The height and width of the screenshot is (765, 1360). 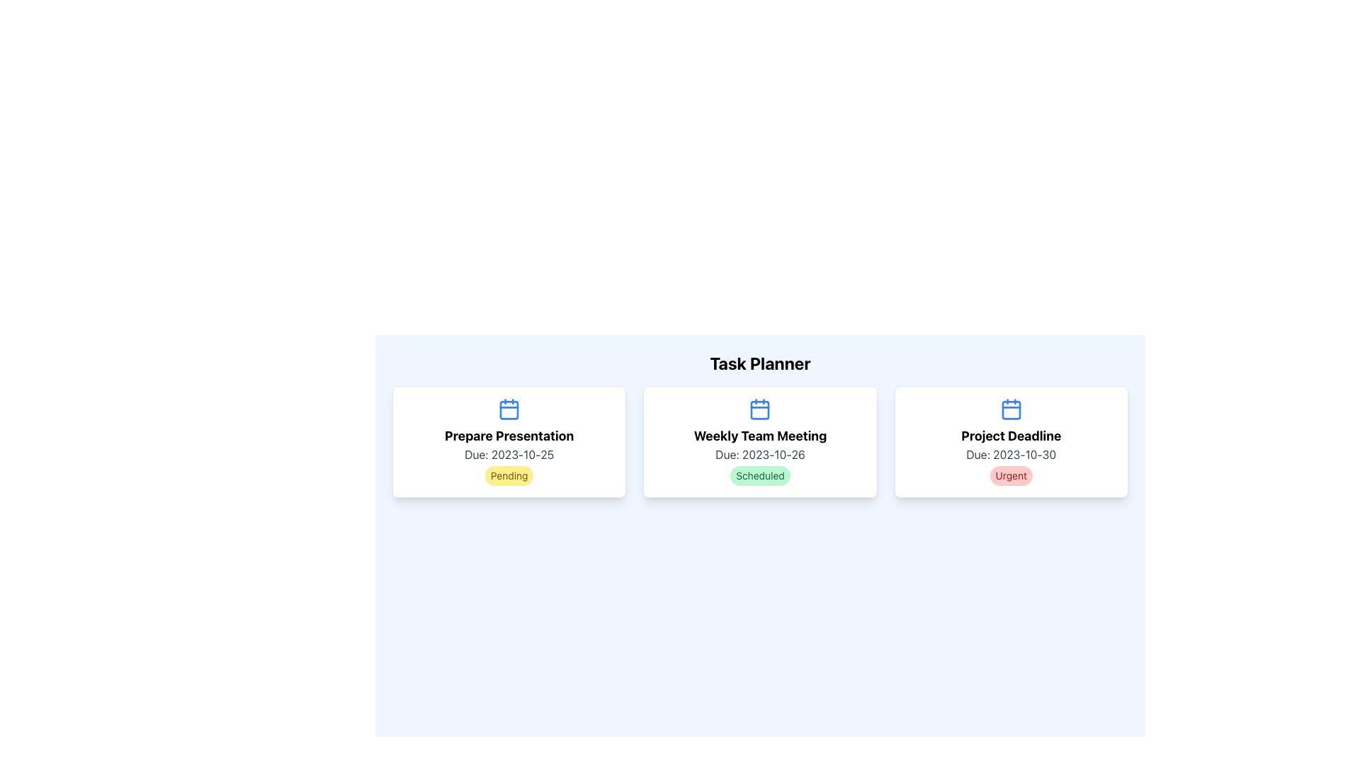 What do you see at coordinates (509, 436) in the screenshot?
I see `the text label displaying 'Prepare Presentation' to select the text. This label is prominently styled in bold and larger font` at bounding box center [509, 436].